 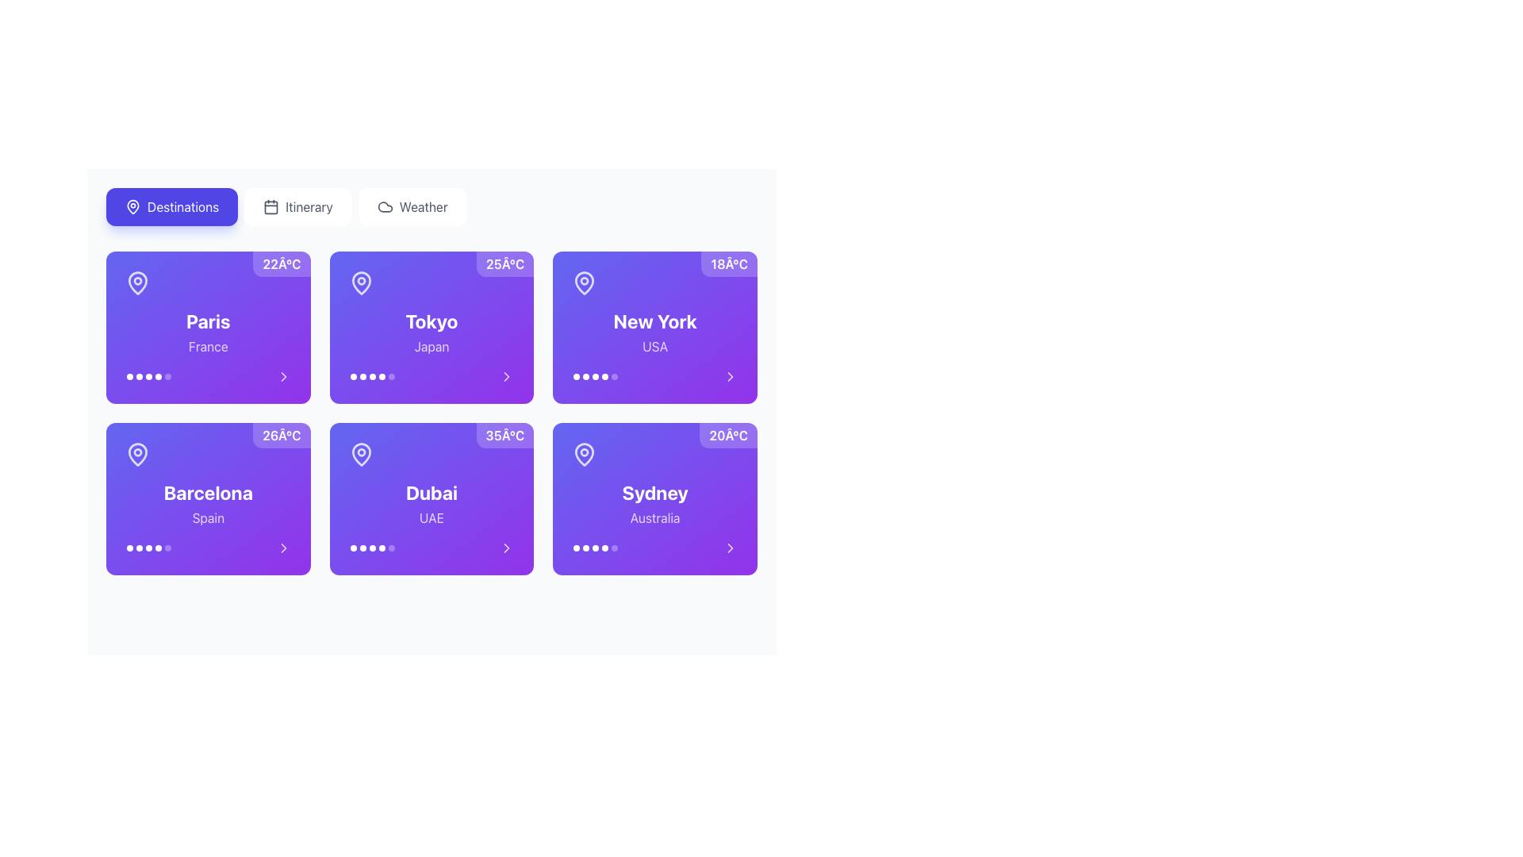 What do you see at coordinates (172, 206) in the screenshot?
I see `the 'Destinations' button, which is a rectangular button with a rounded blueish background and white text` at bounding box center [172, 206].